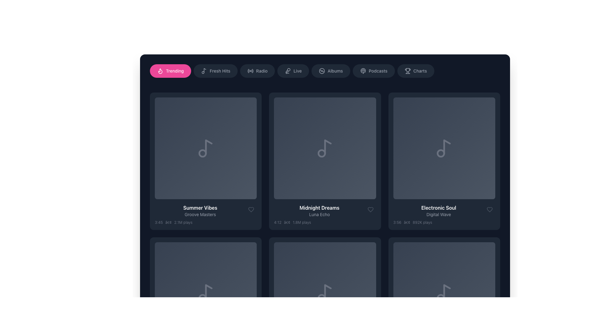  I want to click on the decorative circle graphic element of the music note SVG icon located in the first card titled 'Summer Vibes' in the Trending section, so click(202, 153).